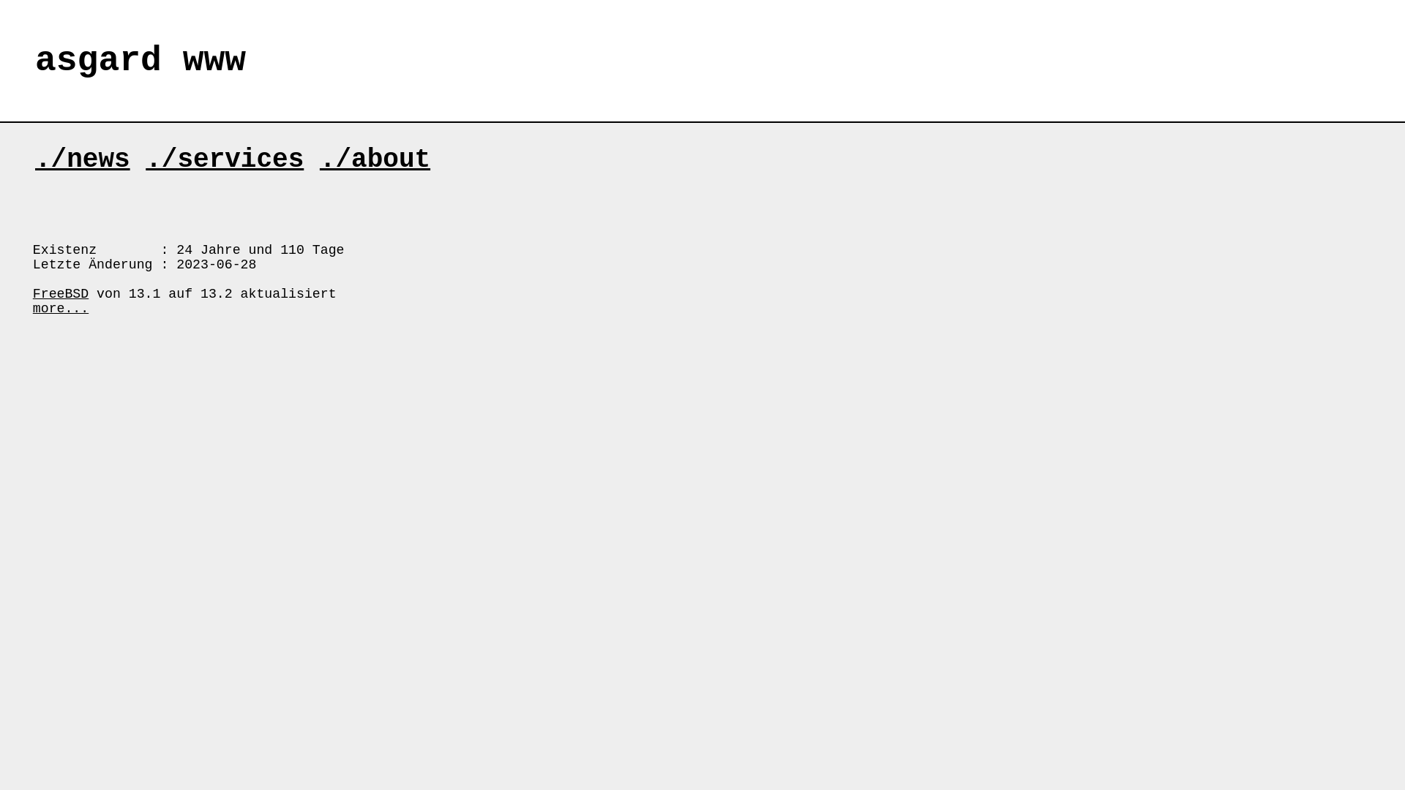 The image size is (1405, 790). Describe the element at coordinates (59, 293) in the screenshot. I see `'FreeBSD'` at that location.